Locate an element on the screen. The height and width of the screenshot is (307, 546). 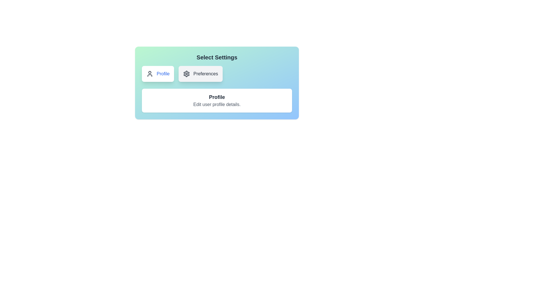
the gear-shaped icon representing settings within the 'Preferences' button is located at coordinates (187, 73).